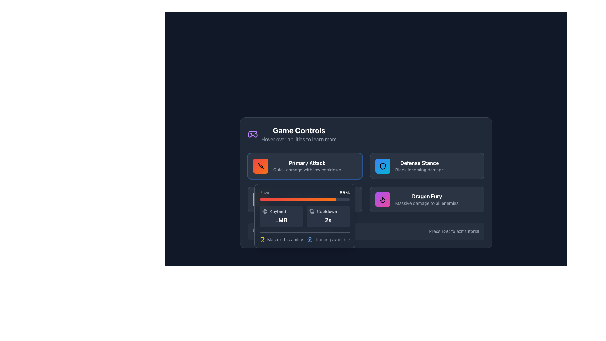 The height and width of the screenshot is (341, 606). Describe the element at coordinates (427, 200) in the screenshot. I see `the Informational text block that provides details about the 'Dragon Fury' ability, located in the 'Game Controls' section to the right of 'Primary Attack' and 'Defense Stance'` at that location.